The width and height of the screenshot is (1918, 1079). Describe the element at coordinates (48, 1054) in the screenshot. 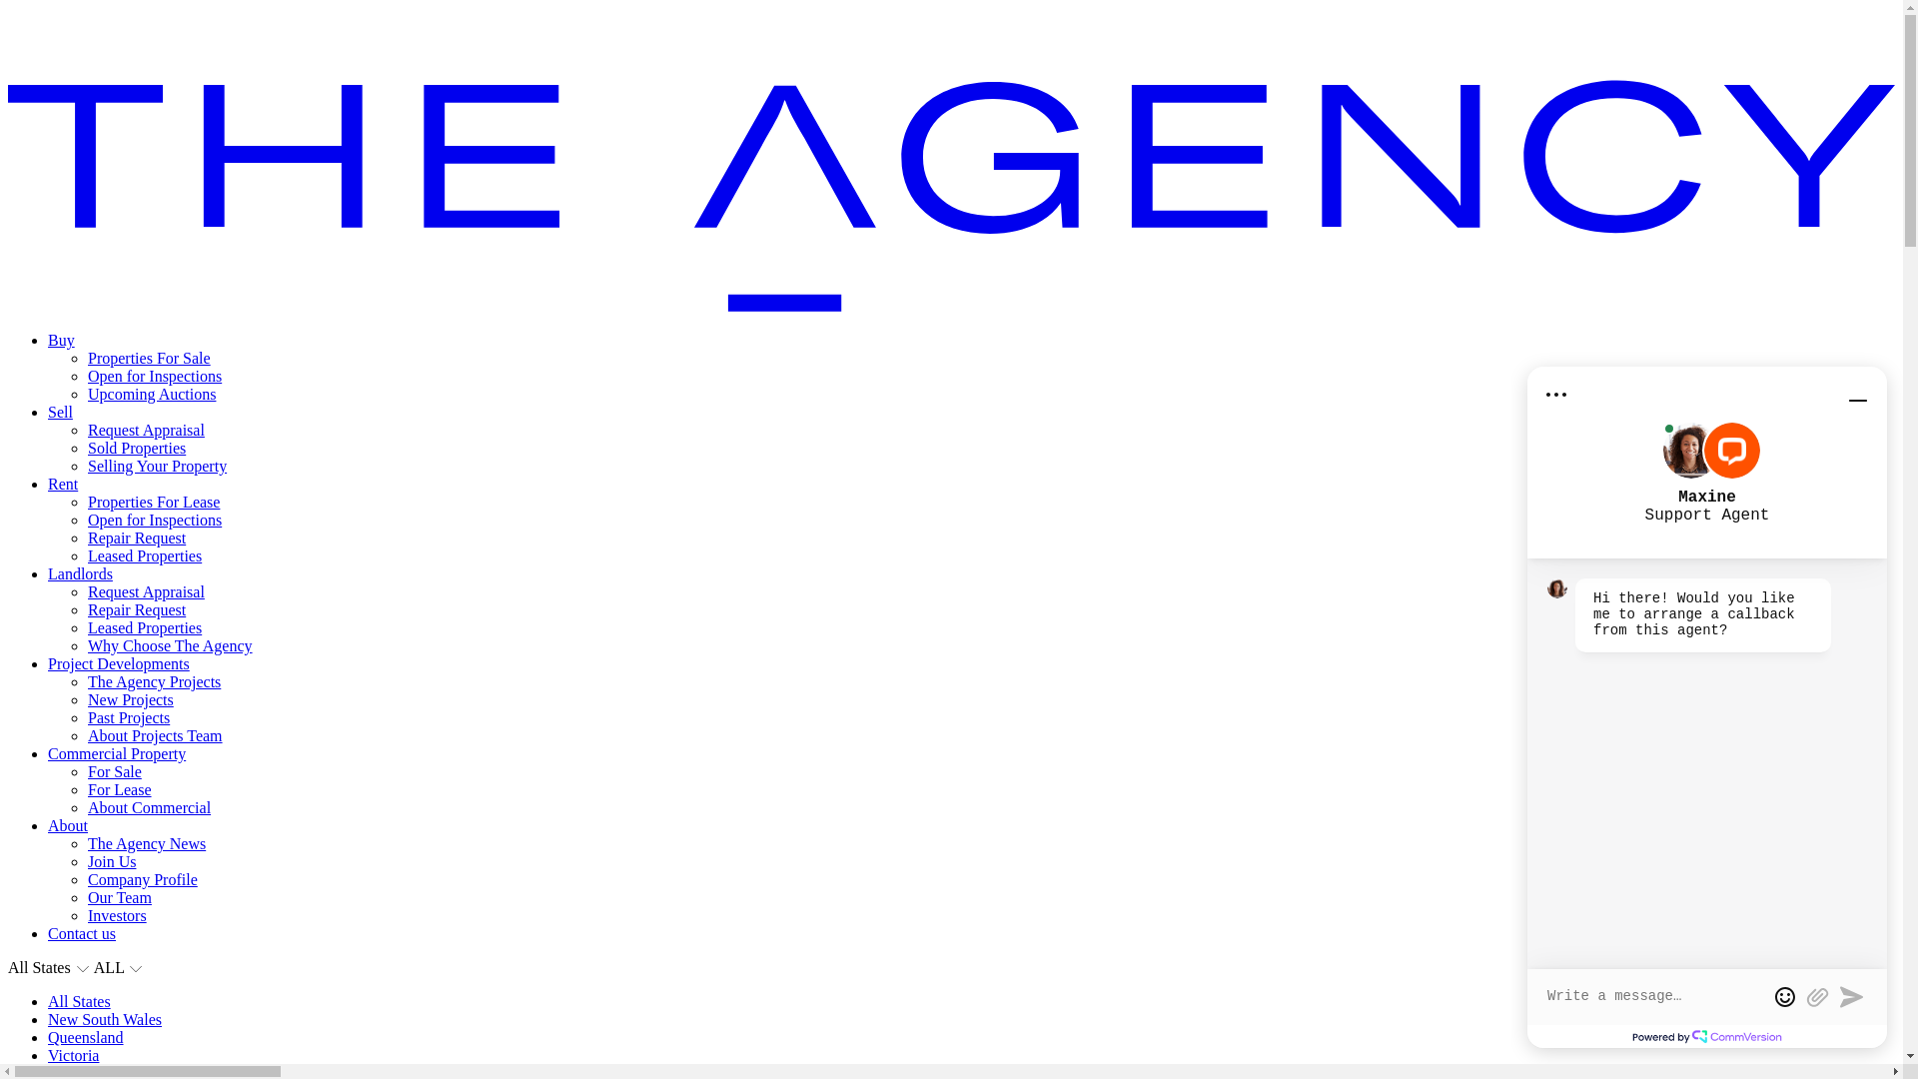

I see `'Victoria'` at that location.